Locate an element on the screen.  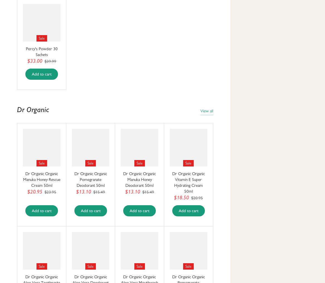
'Dr Organic Organic Vitamin E Super Hydrating Cream 50ml' is located at coordinates (188, 182).